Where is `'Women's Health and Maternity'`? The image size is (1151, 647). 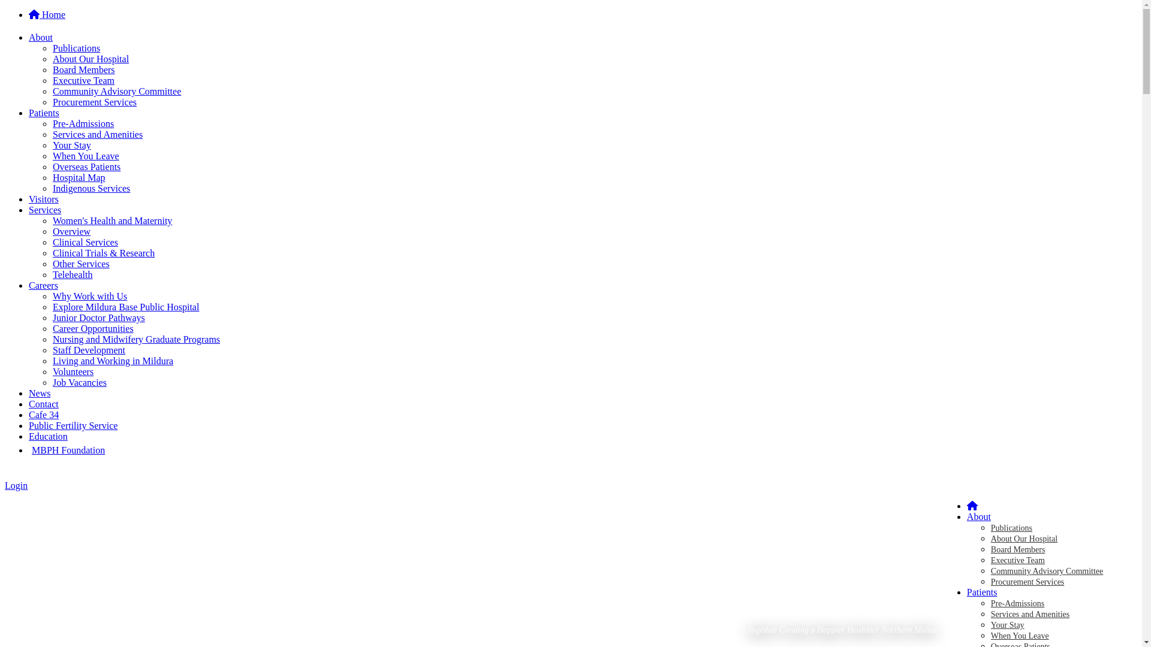
'Women's Health and Maternity' is located at coordinates (52, 220).